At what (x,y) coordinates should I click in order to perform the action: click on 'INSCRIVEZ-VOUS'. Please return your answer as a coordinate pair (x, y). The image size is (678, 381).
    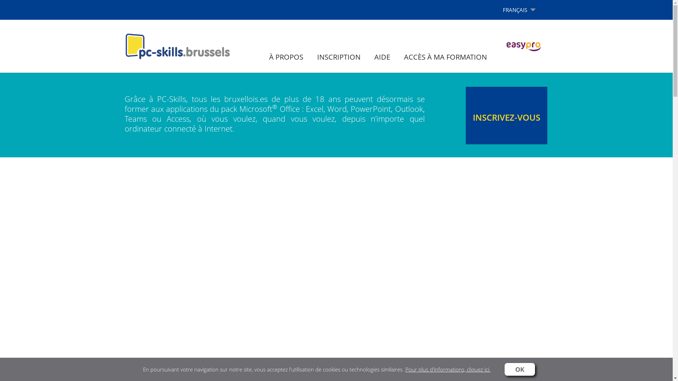
    Looking at the image, I should click on (506, 115).